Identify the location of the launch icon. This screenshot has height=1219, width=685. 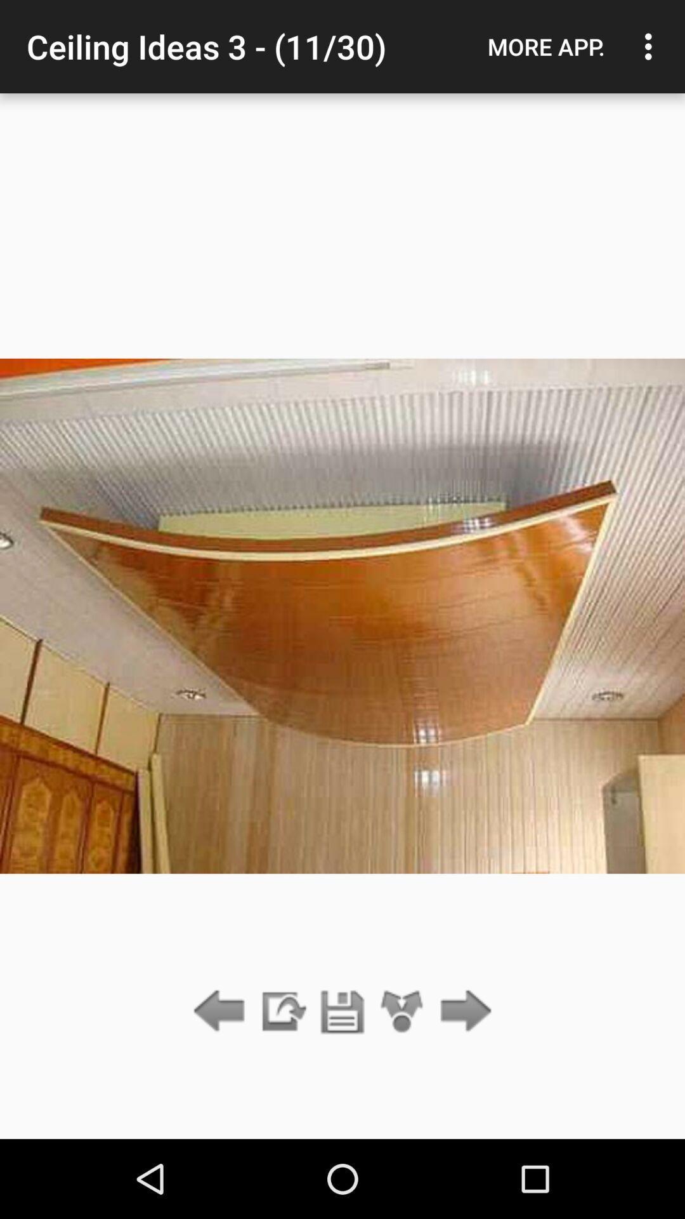
(282, 1011).